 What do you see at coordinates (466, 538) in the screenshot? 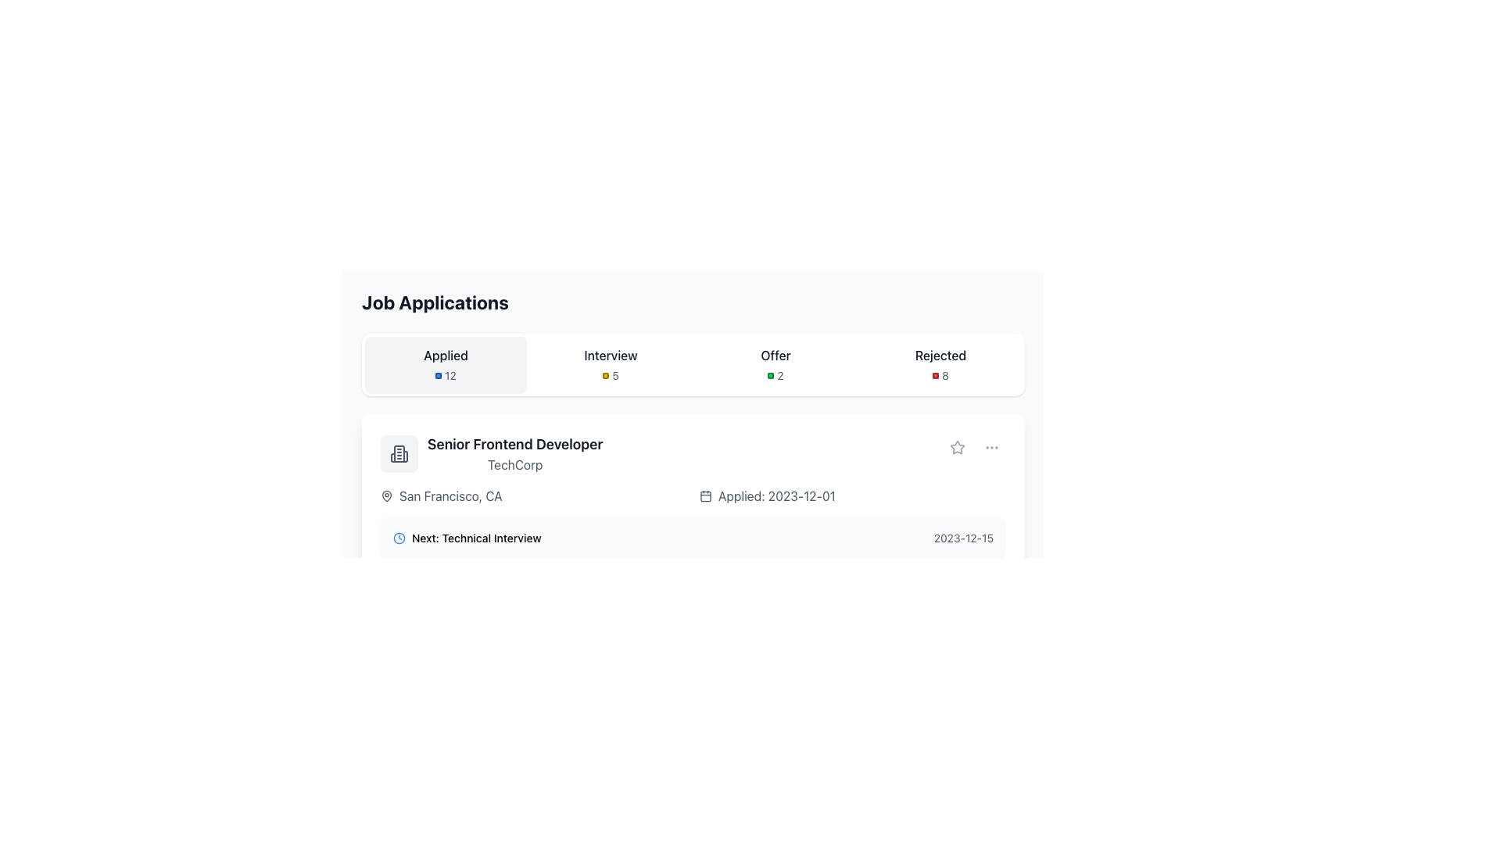
I see `information displayed in the Text with Icon element that shows the clock icon and the text 'Next: Technical Interview' under the job application card for the 'Senior Frontend Developer' position` at bounding box center [466, 538].